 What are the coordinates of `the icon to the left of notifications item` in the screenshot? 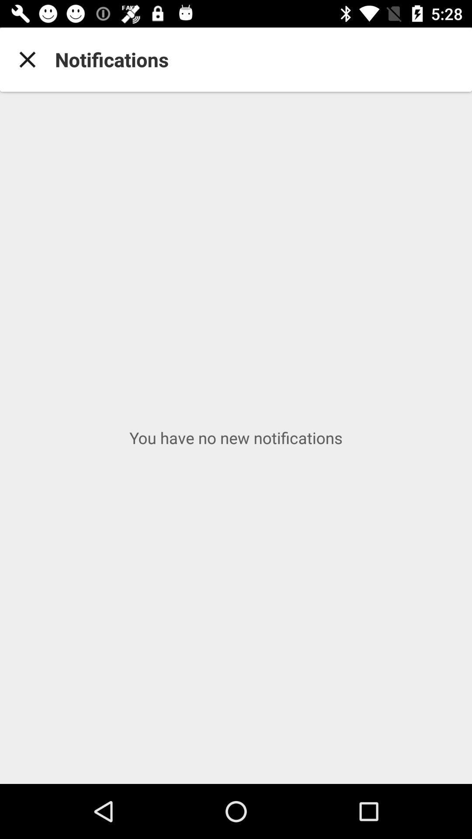 It's located at (27, 59).